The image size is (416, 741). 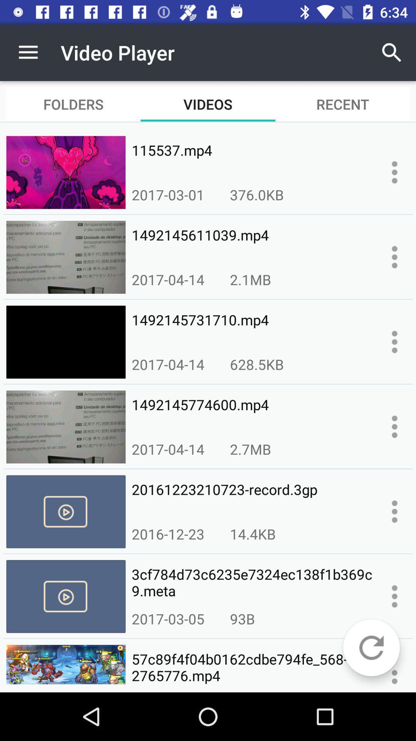 I want to click on refresh page, so click(x=371, y=648).